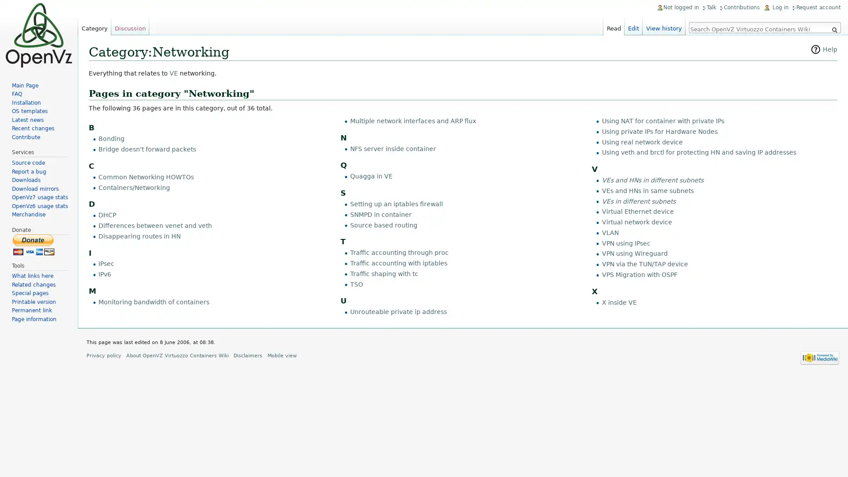 The height and width of the screenshot is (477, 848). I want to click on Go, so click(834, 30).